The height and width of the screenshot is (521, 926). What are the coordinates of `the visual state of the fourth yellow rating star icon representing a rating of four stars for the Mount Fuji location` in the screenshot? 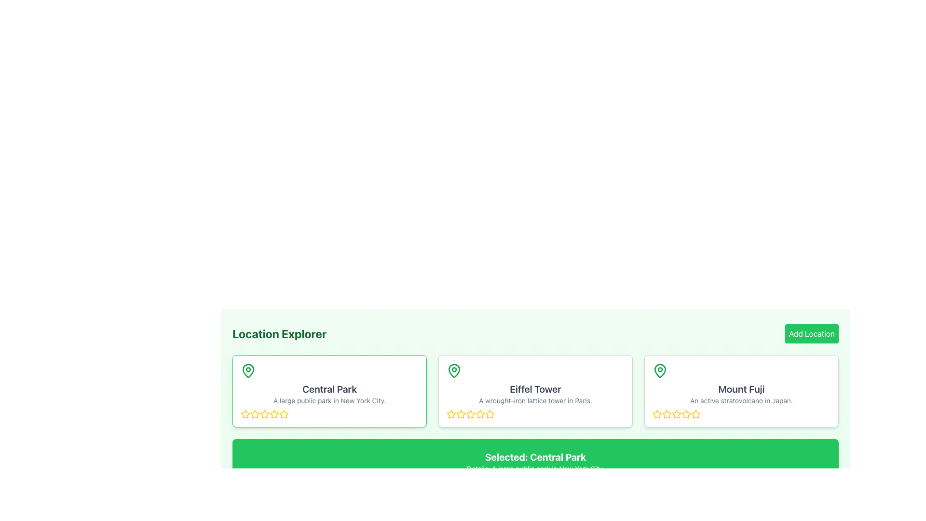 It's located at (676, 414).